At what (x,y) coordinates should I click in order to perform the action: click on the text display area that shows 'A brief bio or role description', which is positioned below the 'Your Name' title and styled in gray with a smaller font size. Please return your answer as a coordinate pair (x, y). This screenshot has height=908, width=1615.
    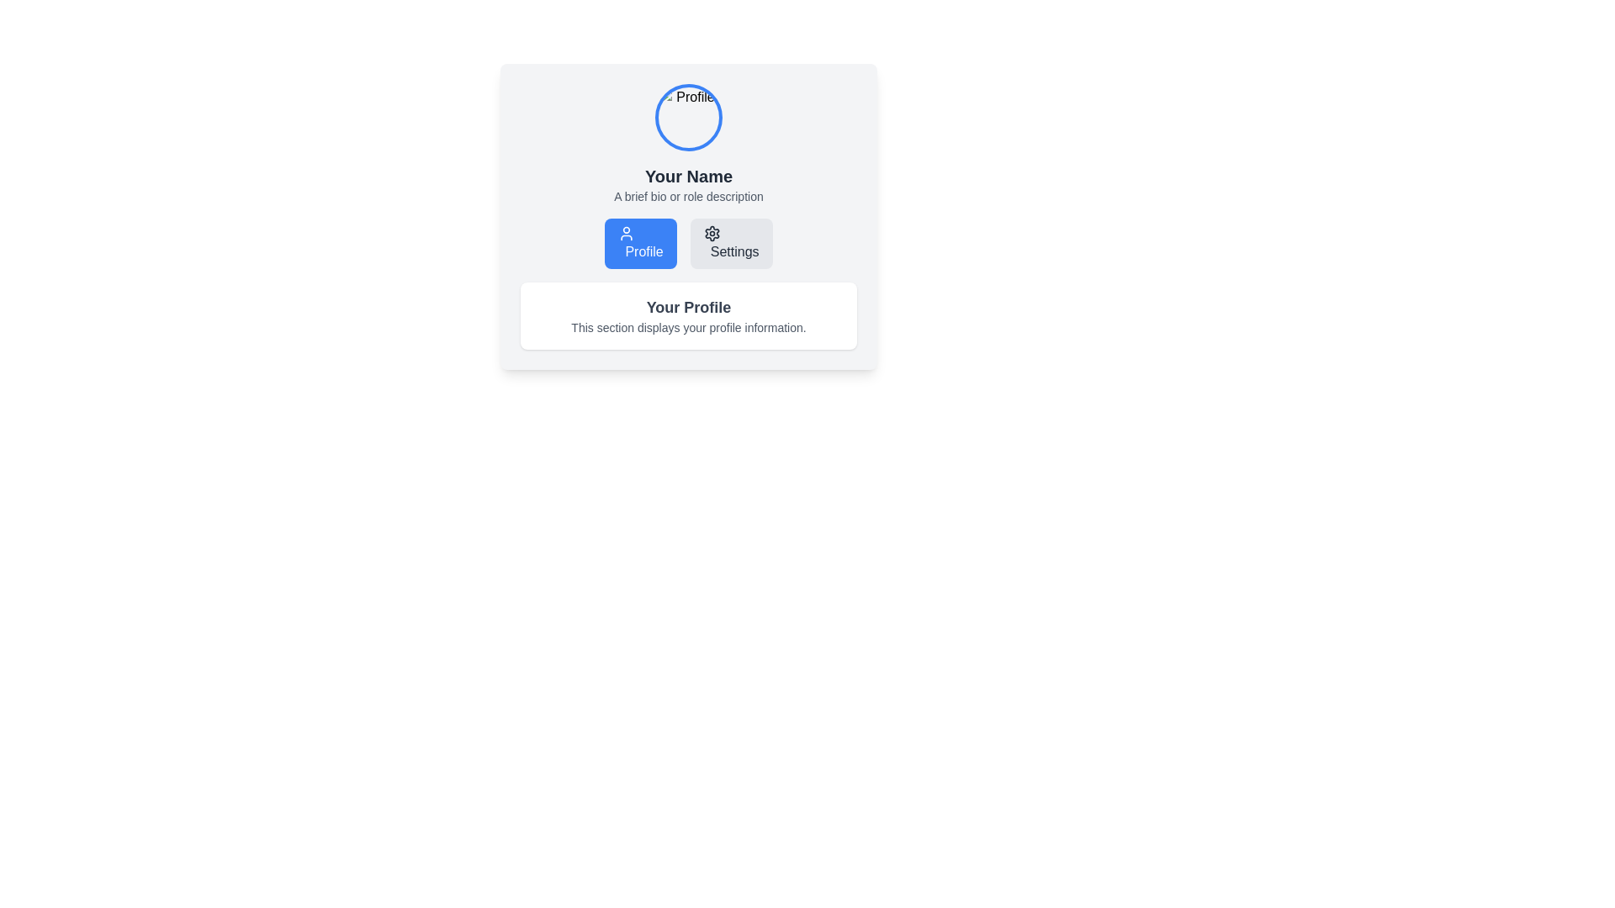
    Looking at the image, I should click on (689, 196).